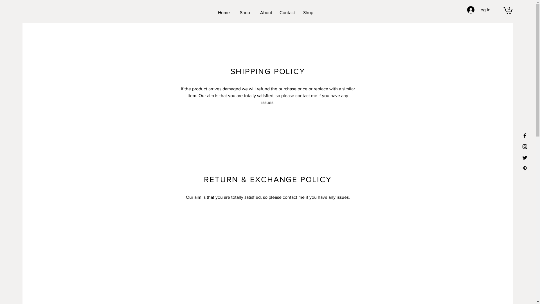  Describe the element at coordinates (508, 10) in the screenshot. I see `'0'` at that location.